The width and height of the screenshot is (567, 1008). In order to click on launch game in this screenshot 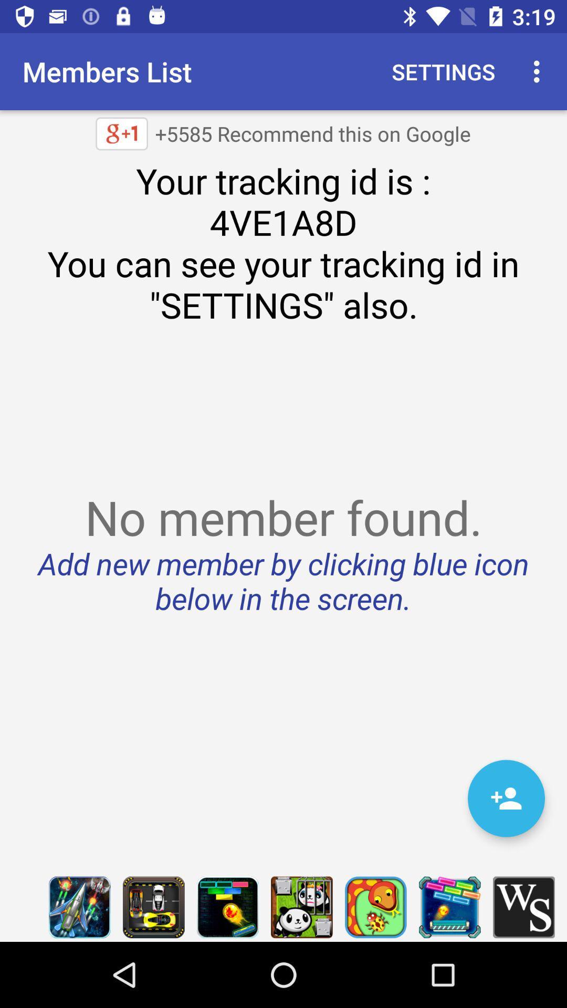, I will do `click(227, 907)`.